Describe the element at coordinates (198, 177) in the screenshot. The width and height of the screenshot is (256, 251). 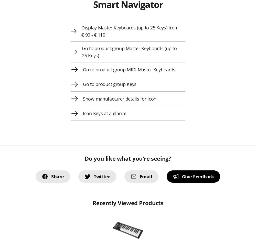
I see `'Give Feedback'` at that location.